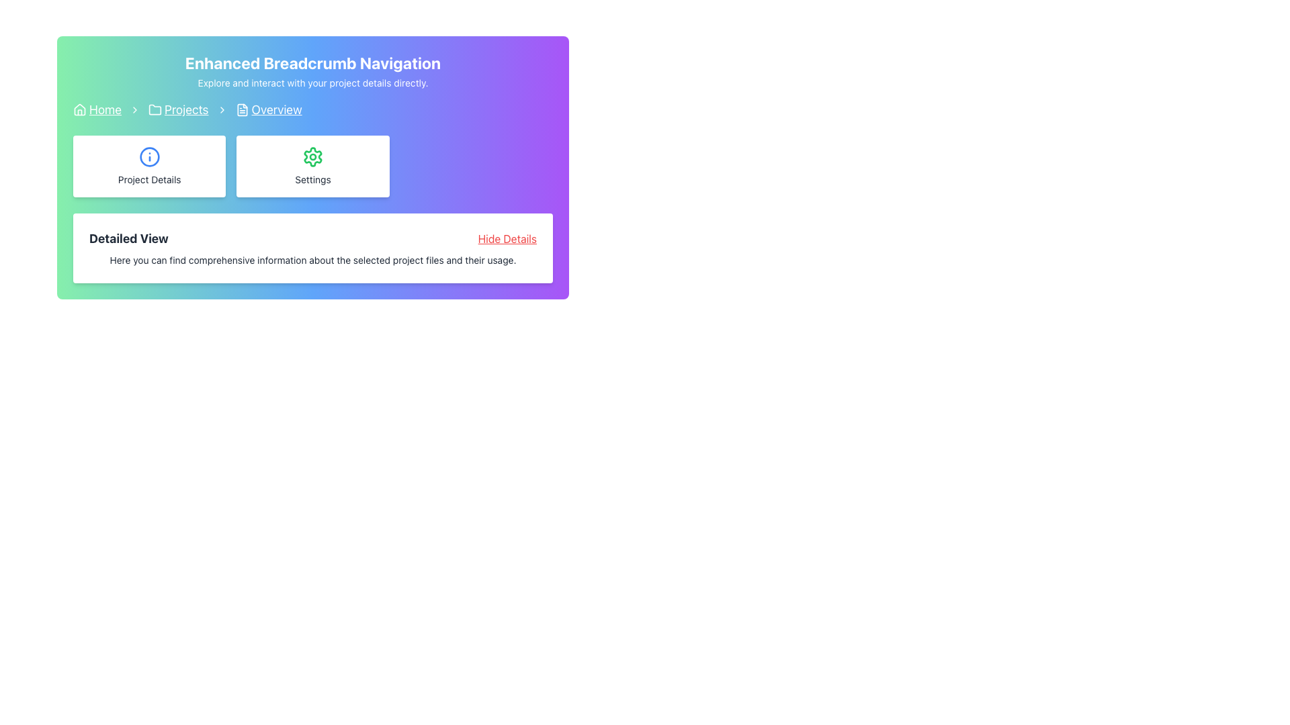  I want to click on the small icon representing a sheet of paper with a folded corner, located in the breadcrumb navigation area adjacent to the 'Overview' link, so click(242, 109).